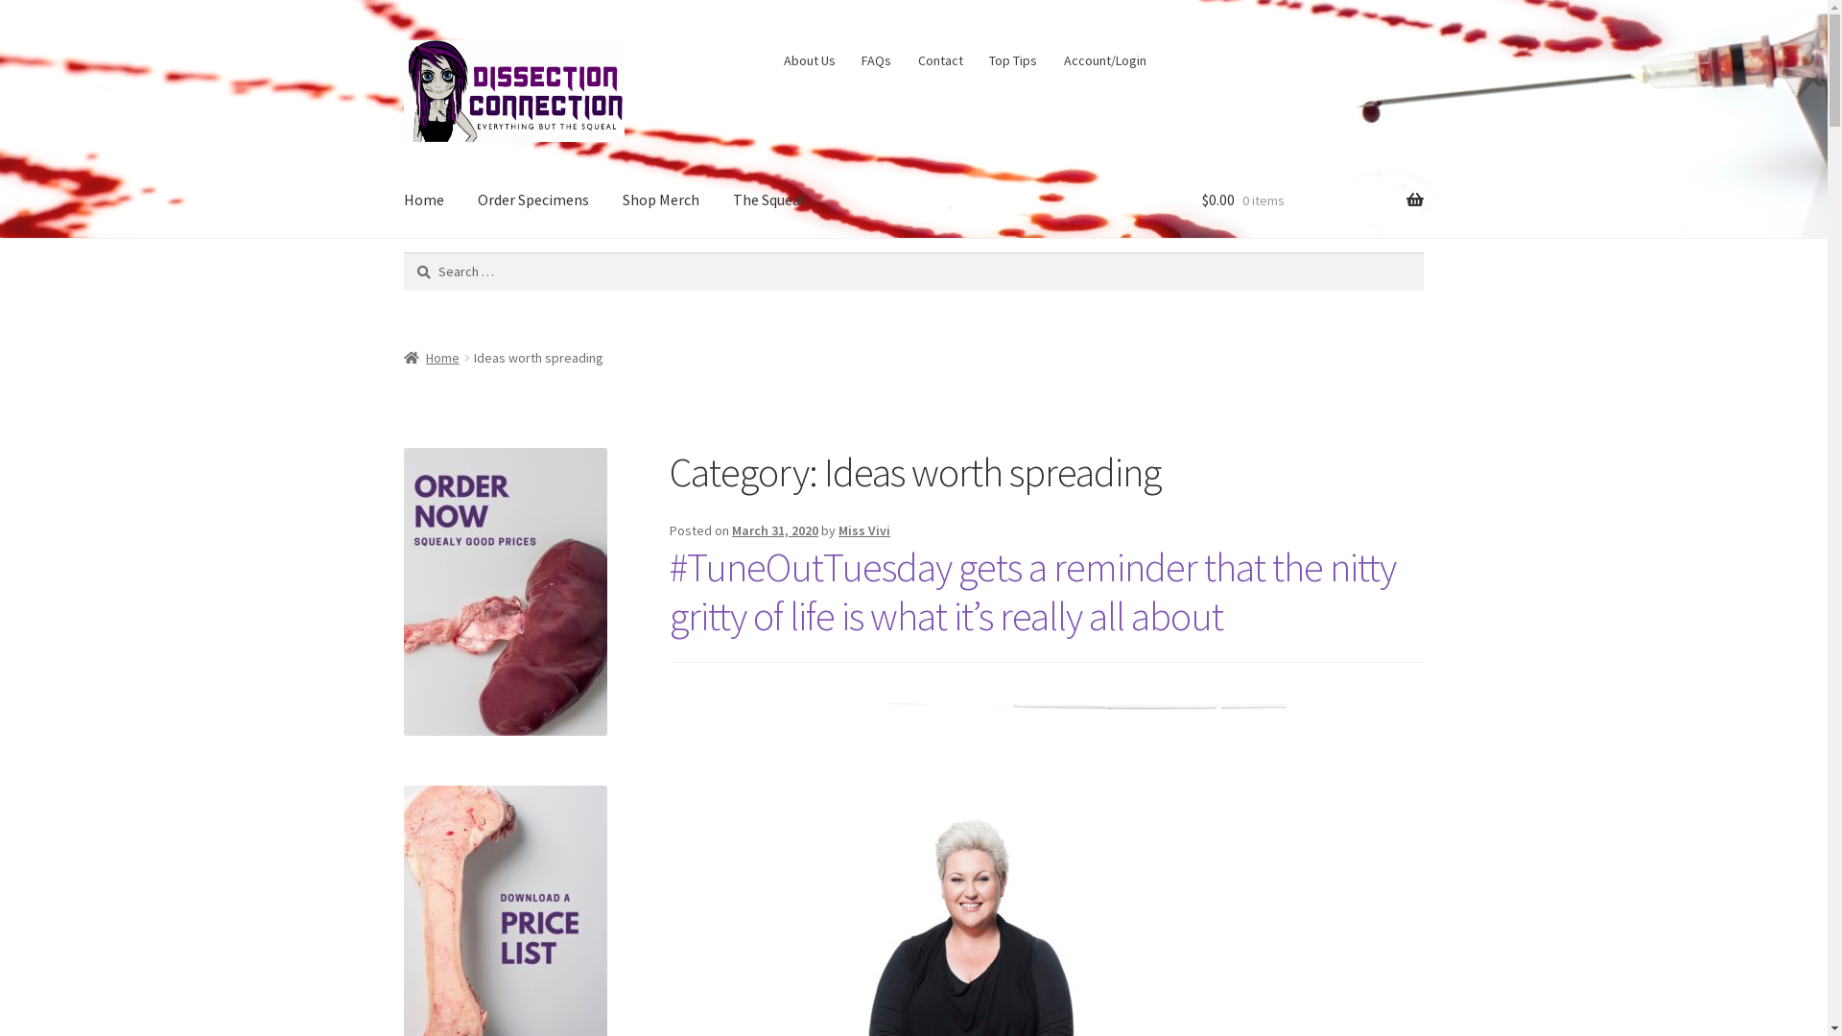 This screenshot has height=1036, width=1842. What do you see at coordinates (402, 250) in the screenshot?
I see `'Search'` at bounding box center [402, 250].